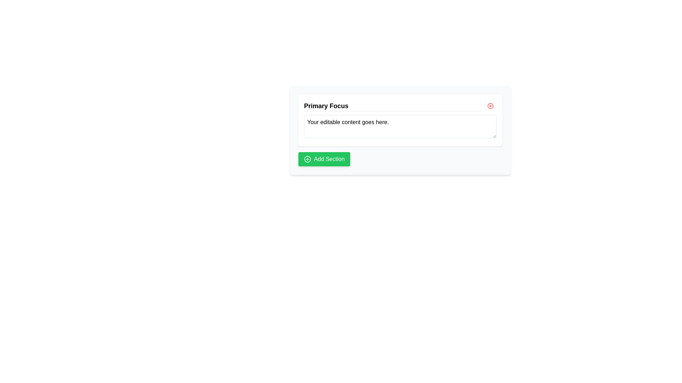  Describe the element at coordinates (400, 130) in the screenshot. I see `the text input field with a light gray background that contains the placeholder text 'Your editable content goes here.' located below the 'Primary Focus' title and above the 'Add Section' button` at that location.